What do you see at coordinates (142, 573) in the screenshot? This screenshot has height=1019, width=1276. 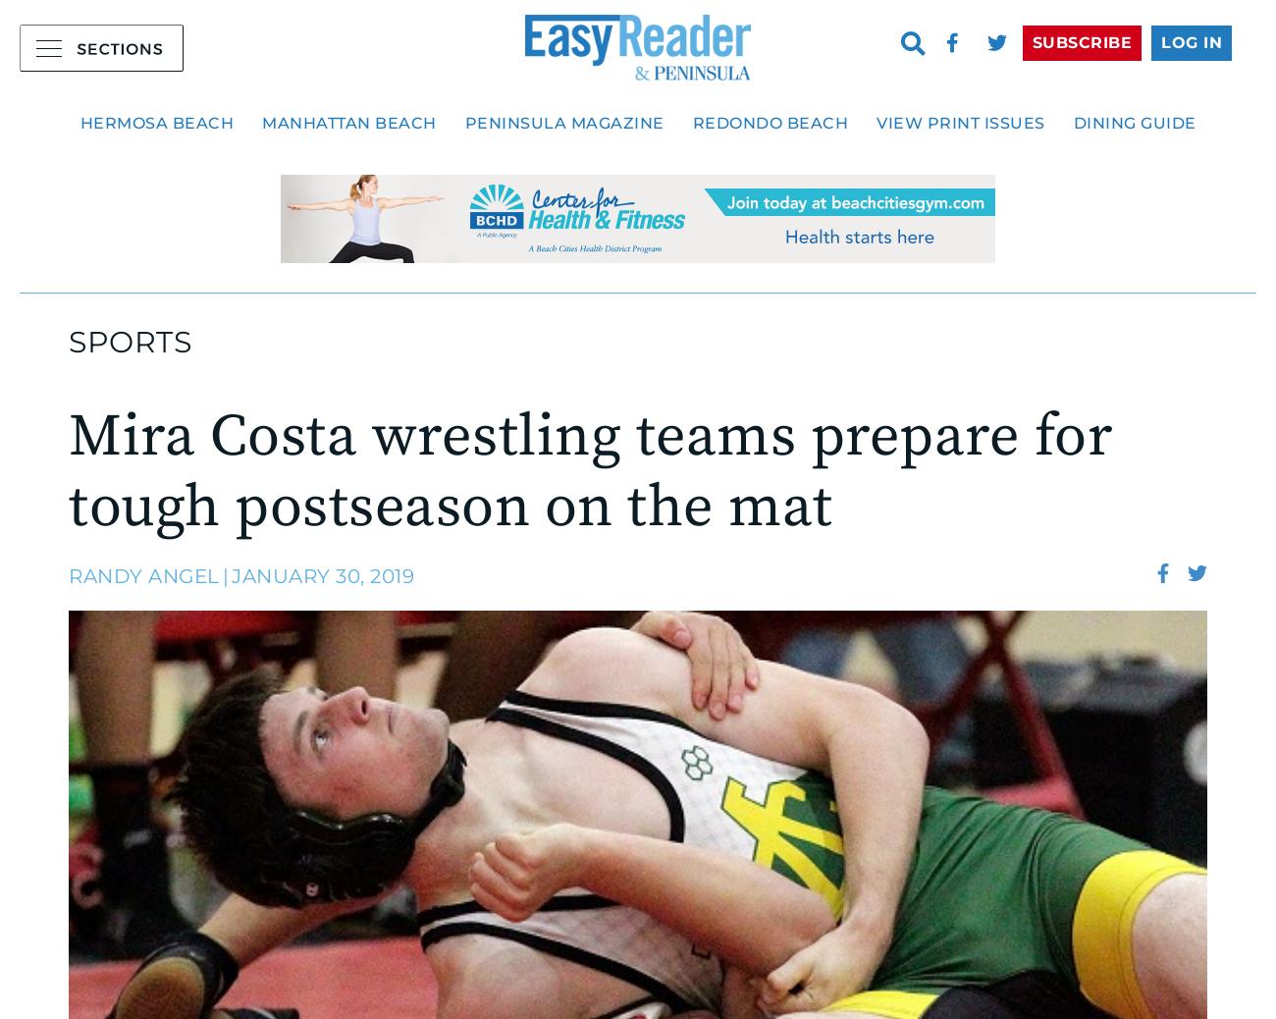 I see `'Randy Angel'` at bounding box center [142, 573].